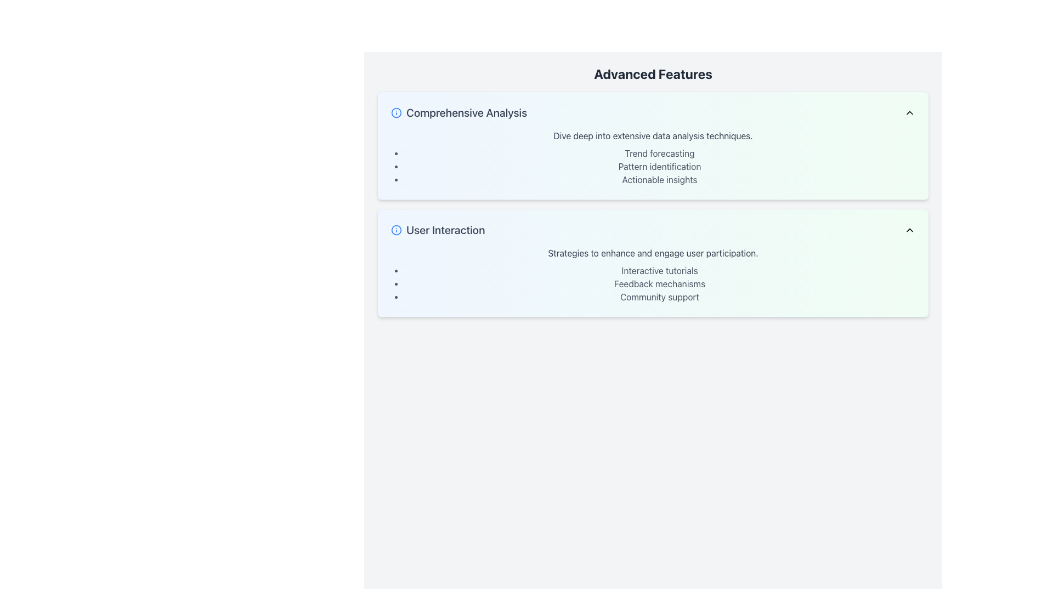 The height and width of the screenshot is (592, 1053). What do you see at coordinates (659, 270) in the screenshot?
I see `the Text Label that indicates the availability of interactive tutorials, located in the User Interaction section` at bounding box center [659, 270].